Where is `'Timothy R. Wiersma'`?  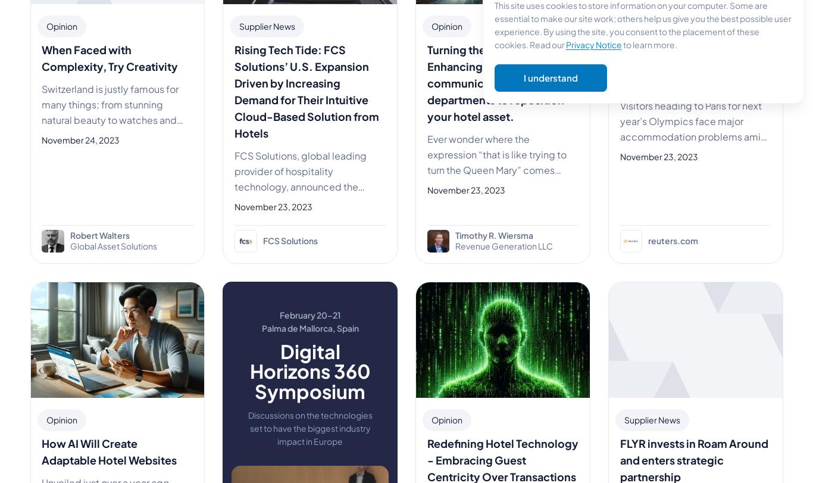
'Timothy R. Wiersma' is located at coordinates (493, 235).